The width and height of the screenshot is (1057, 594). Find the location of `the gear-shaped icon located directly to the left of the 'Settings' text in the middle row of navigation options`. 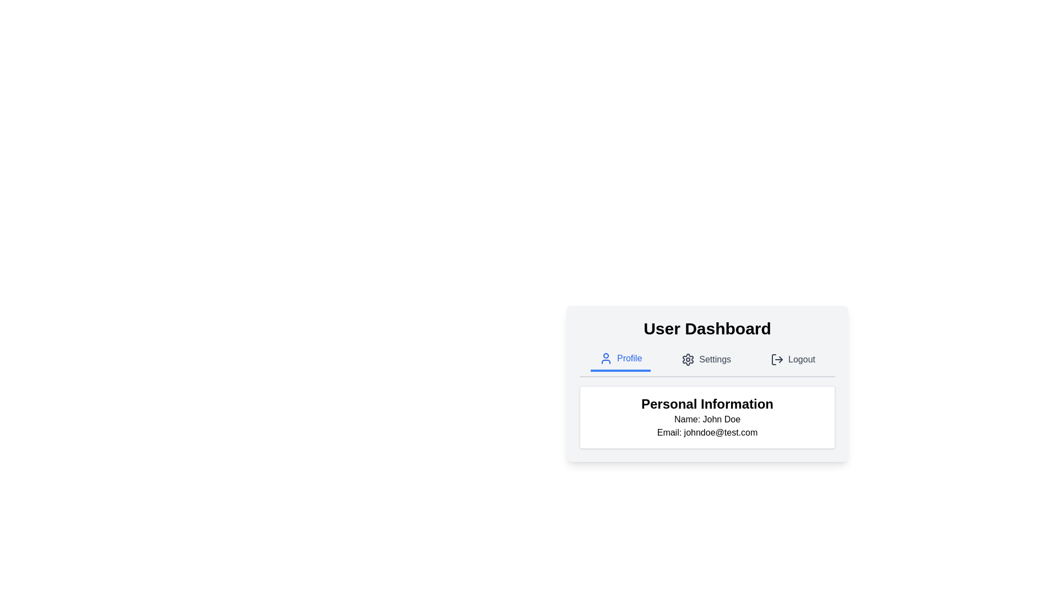

the gear-shaped icon located directly to the left of the 'Settings' text in the middle row of navigation options is located at coordinates (688, 360).